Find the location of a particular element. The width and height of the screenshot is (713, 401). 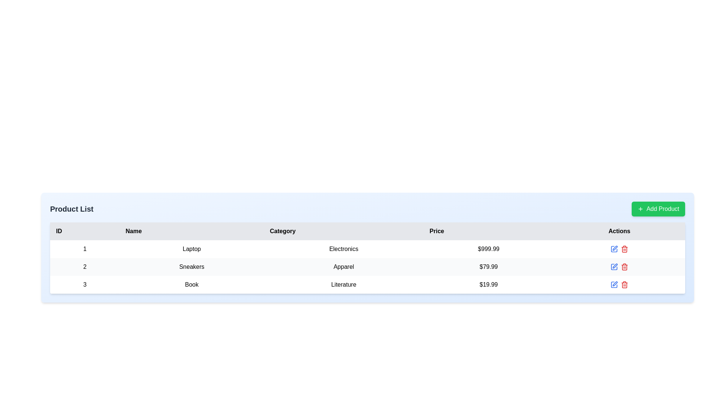

the edit icon located in the 'Actions' column for the second product entry ('Sneakers') in the table is located at coordinates (615, 265).